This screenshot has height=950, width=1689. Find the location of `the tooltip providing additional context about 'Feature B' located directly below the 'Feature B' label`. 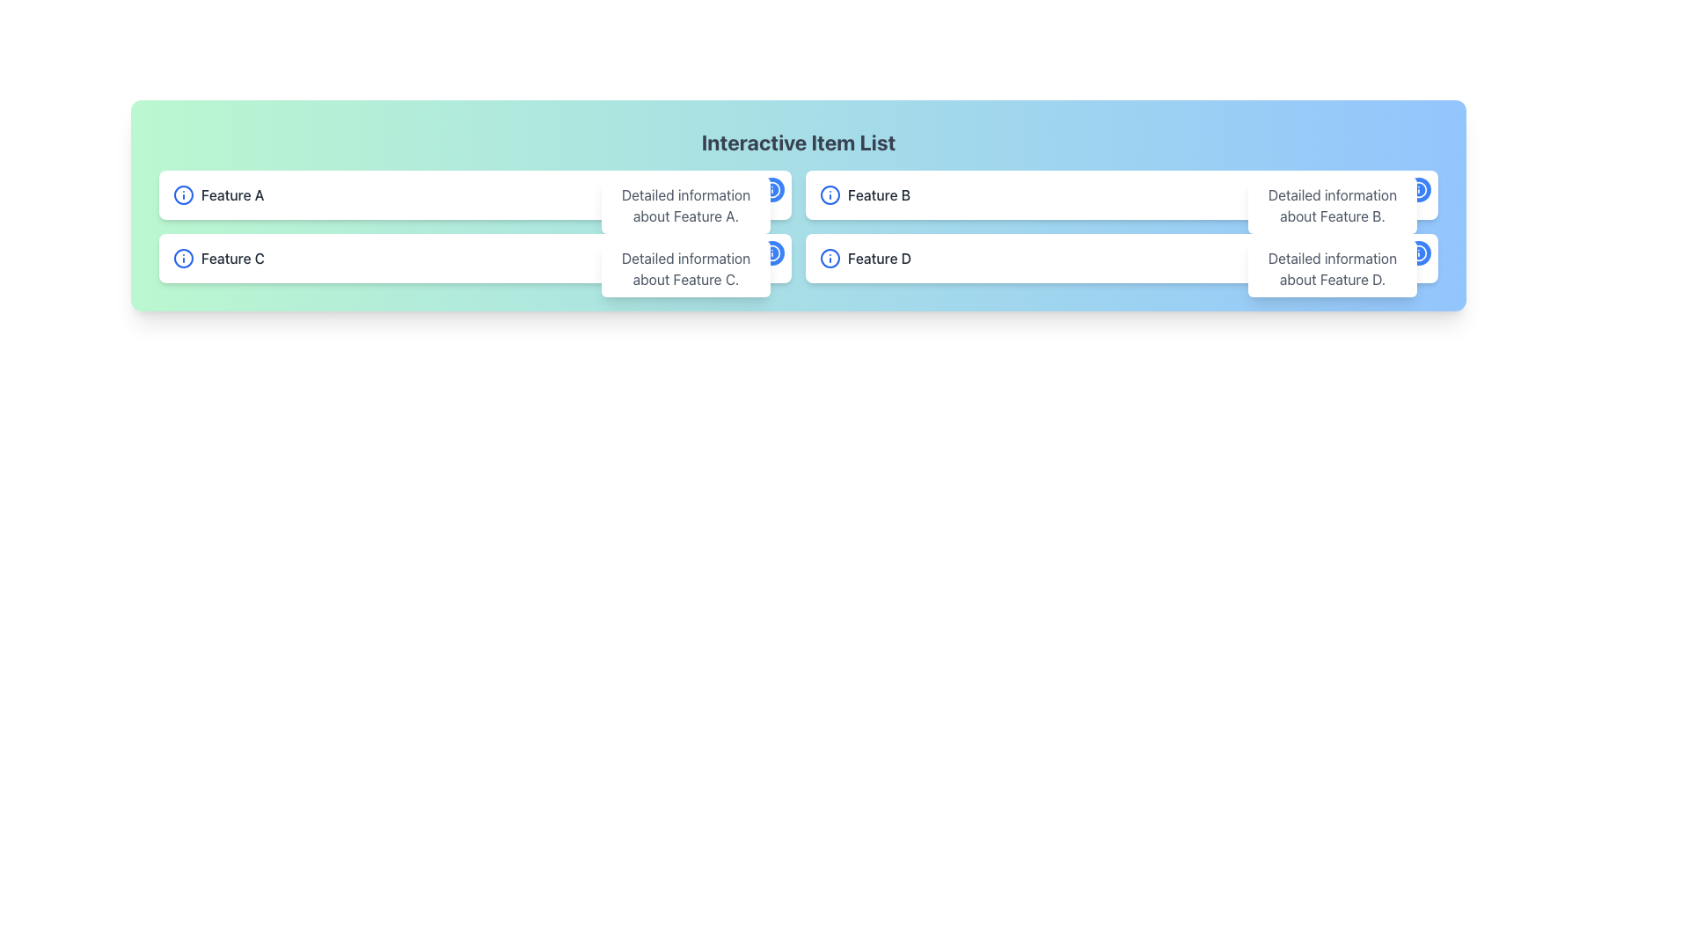

the tooltip providing additional context about 'Feature B' located directly below the 'Feature B' label is located at coordinates (1333, 205).